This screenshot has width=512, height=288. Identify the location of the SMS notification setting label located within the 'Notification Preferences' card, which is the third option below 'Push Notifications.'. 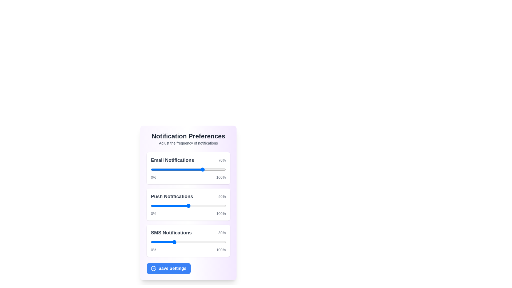
(188, 232).